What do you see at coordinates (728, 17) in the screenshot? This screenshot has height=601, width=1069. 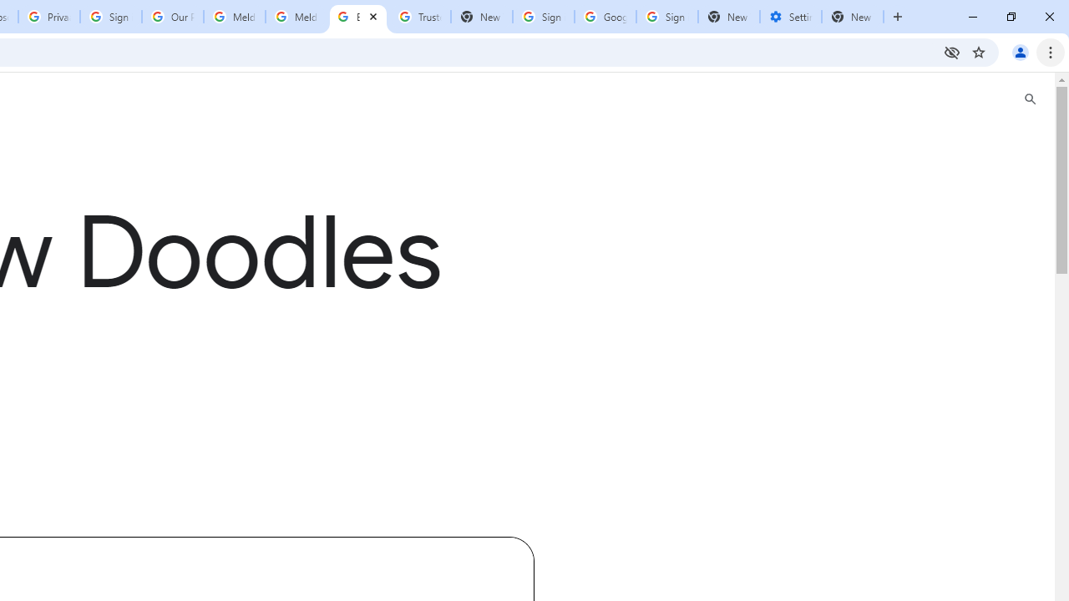 I see `'New Tab'` at bounding box center [728, 17].